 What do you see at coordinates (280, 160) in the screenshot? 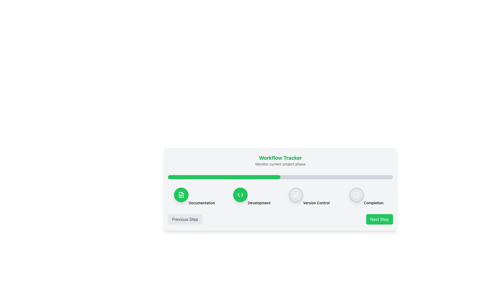
I see `the 'Workflow Tracker' text component, which features a bold green title and a subtitle in gray, to see details` at bounding box center [280, 160].